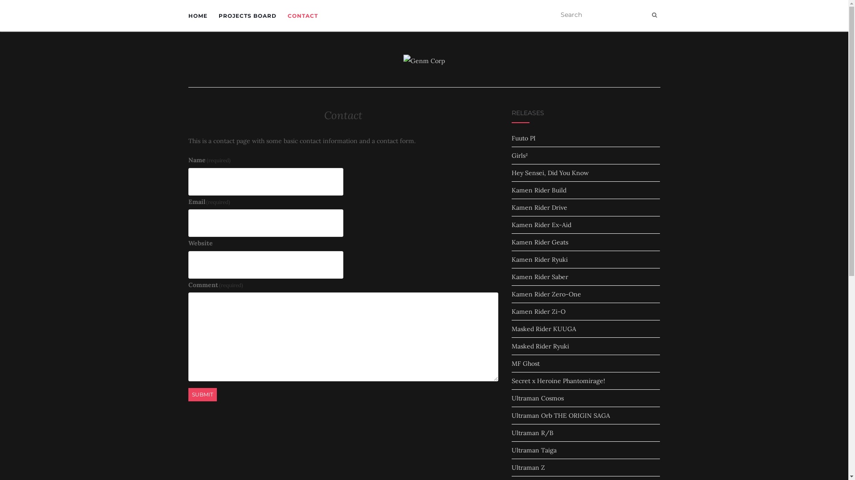 The image size is (855, 480). What do you see at coordinates (511, 207) in the screenshot?
I see `'Kamen Rider Drive'` at bounding box center [511, 207].